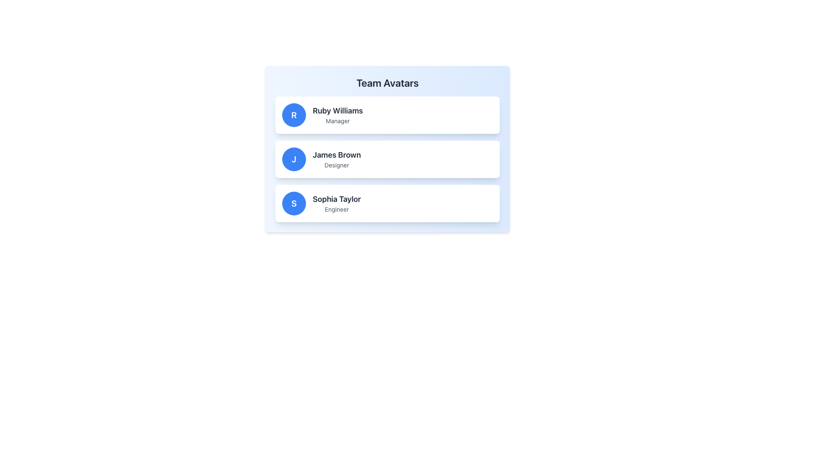 The image size is (816, 459). I want to click on the Profile Card Component for 'Ruby Williams', which is the first card, so click(387, 115).